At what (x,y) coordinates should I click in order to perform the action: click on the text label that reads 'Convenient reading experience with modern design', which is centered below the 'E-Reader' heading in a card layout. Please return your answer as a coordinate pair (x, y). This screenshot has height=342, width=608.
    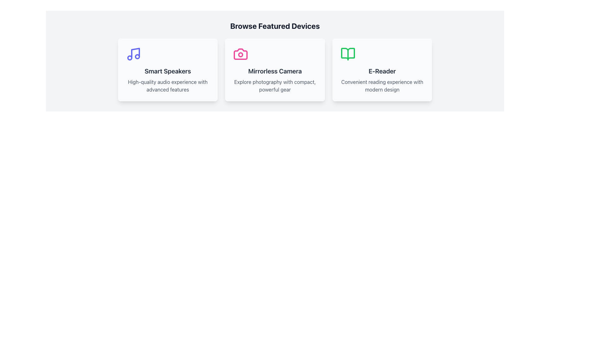
    Looking at the image, I should click on (382, 85).